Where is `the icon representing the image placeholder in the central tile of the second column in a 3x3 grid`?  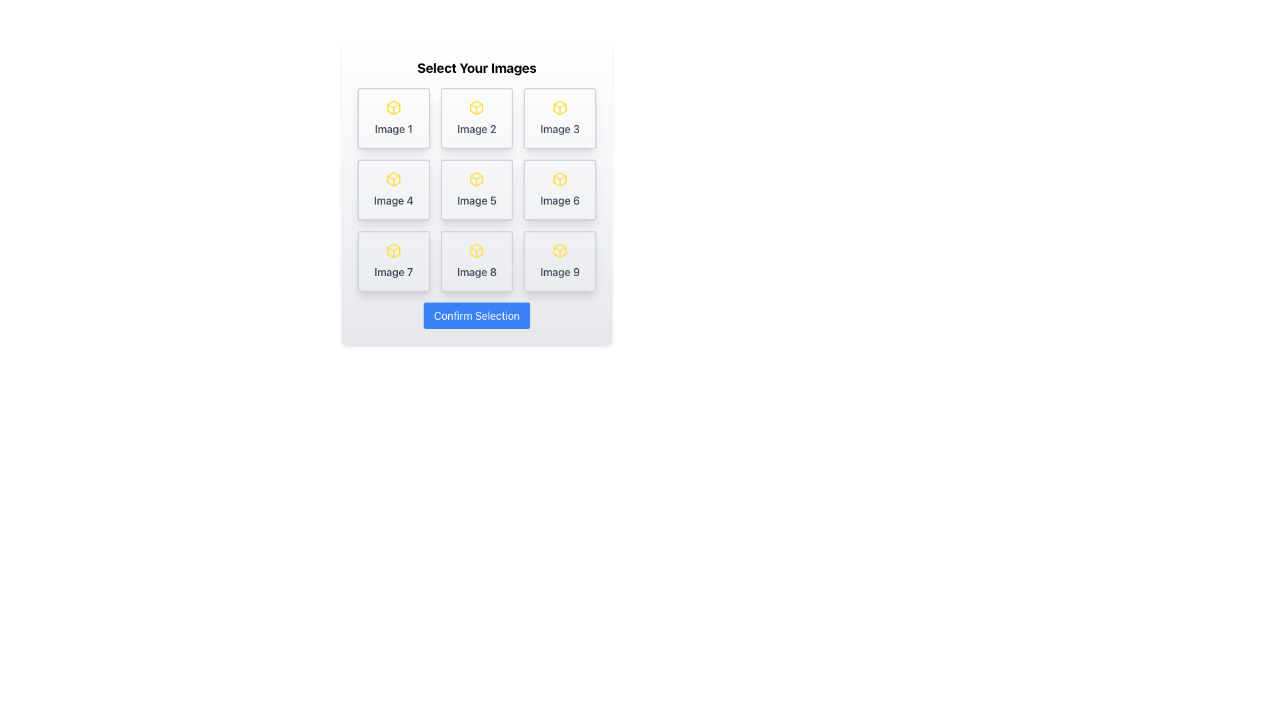 the icon representing the image placeholder in the central tile of the second column in a 3x3 grid is located at coordinates (477, 107).